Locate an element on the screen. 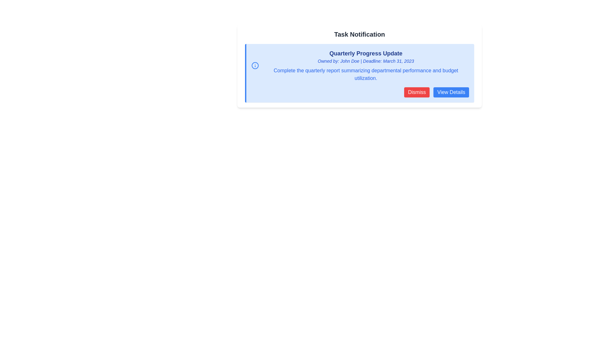 The width and height of the screenshot is (611, 344). the outlined blue icon with a vertical line and a dot, located in the 'Quarterly Progress Update' section, above the deadline and owner information is located at coordinates (255, 65).